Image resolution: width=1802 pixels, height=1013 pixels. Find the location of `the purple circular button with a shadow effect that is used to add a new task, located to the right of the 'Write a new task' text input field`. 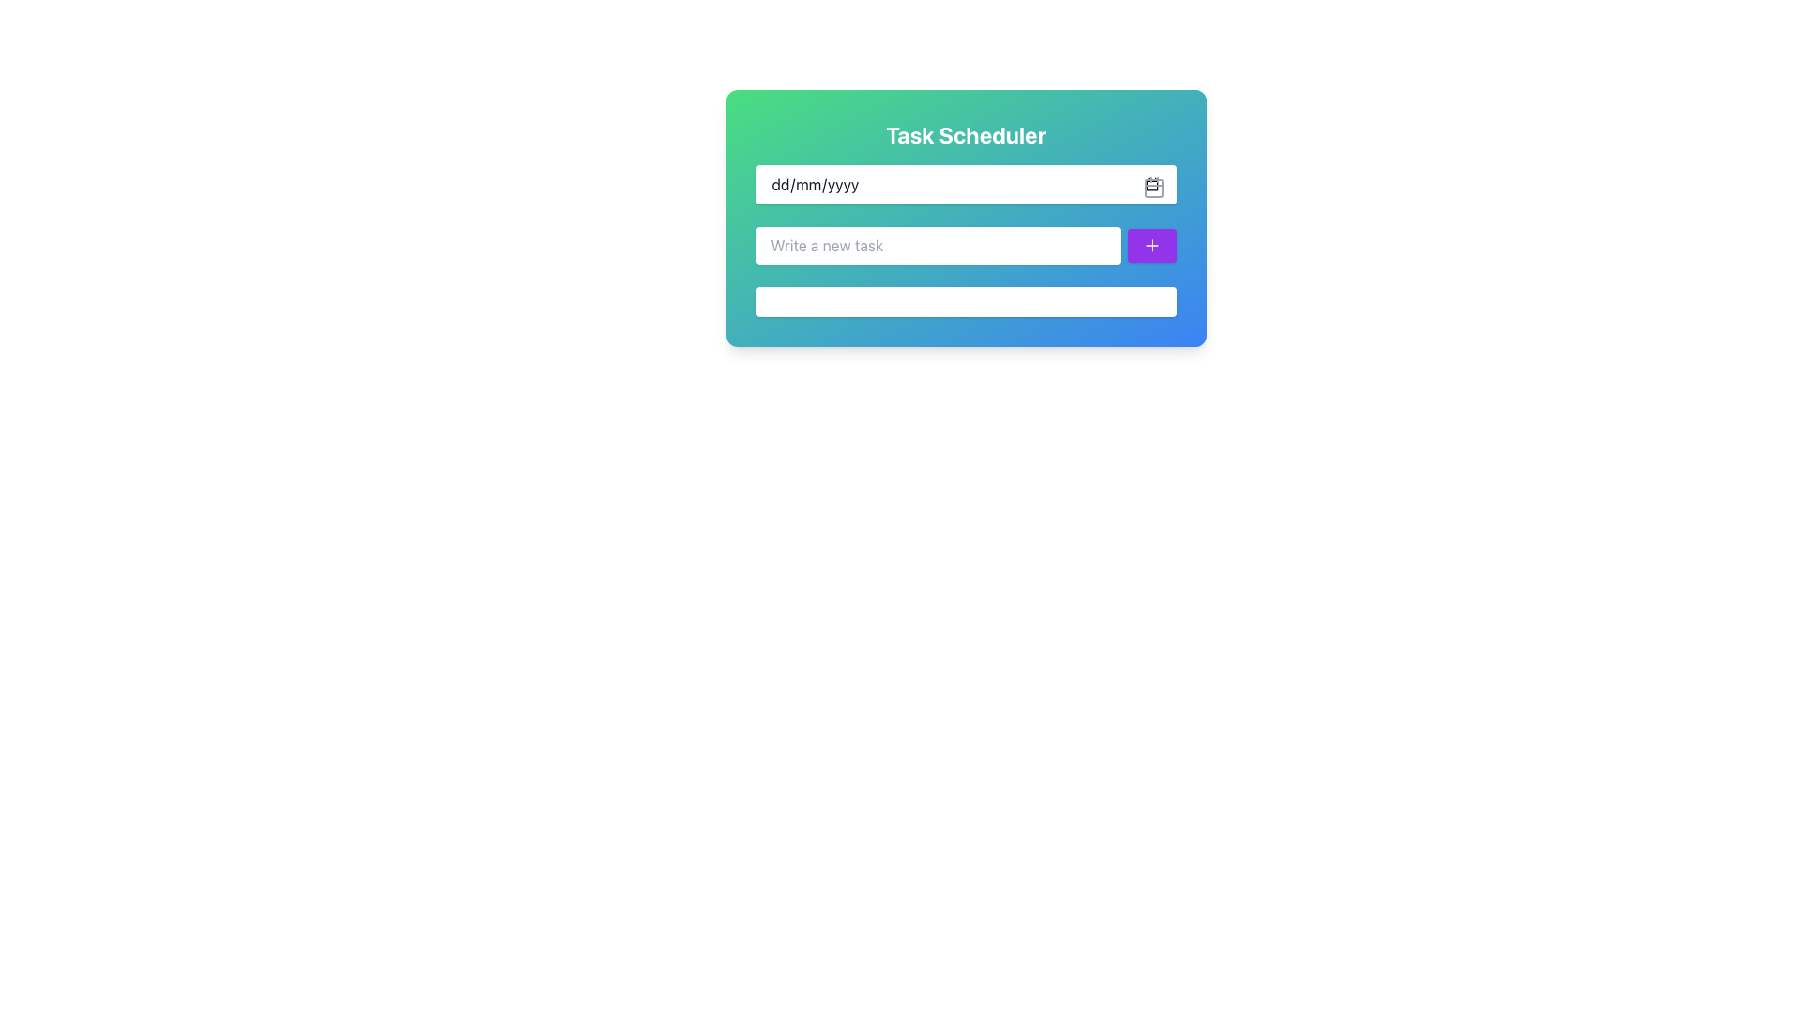

the purple circular button with a shadow effect that is used to add a new task, located to the right of the 'Write a new task' text input field is located at coordinates (1151, 245).